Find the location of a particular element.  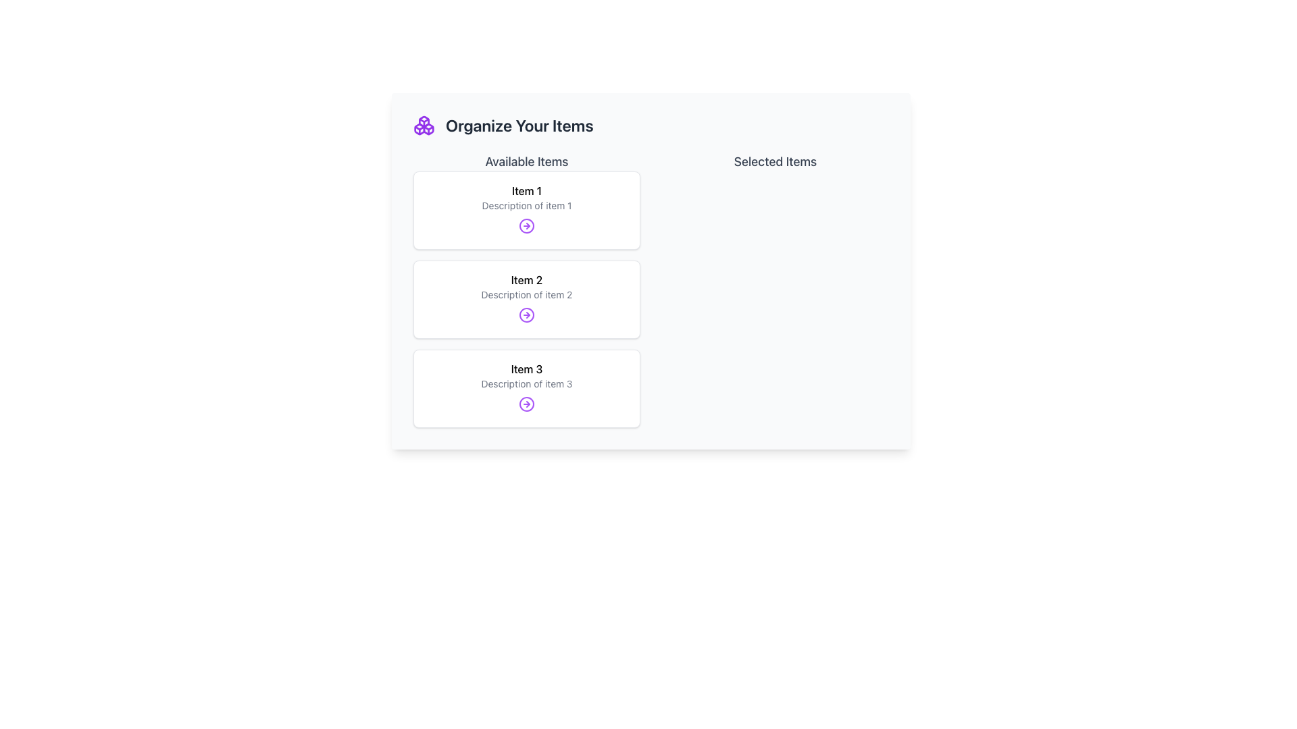

the Decorative Icon Fragment located at the top left of the page header is located at coordinates (424, 122).